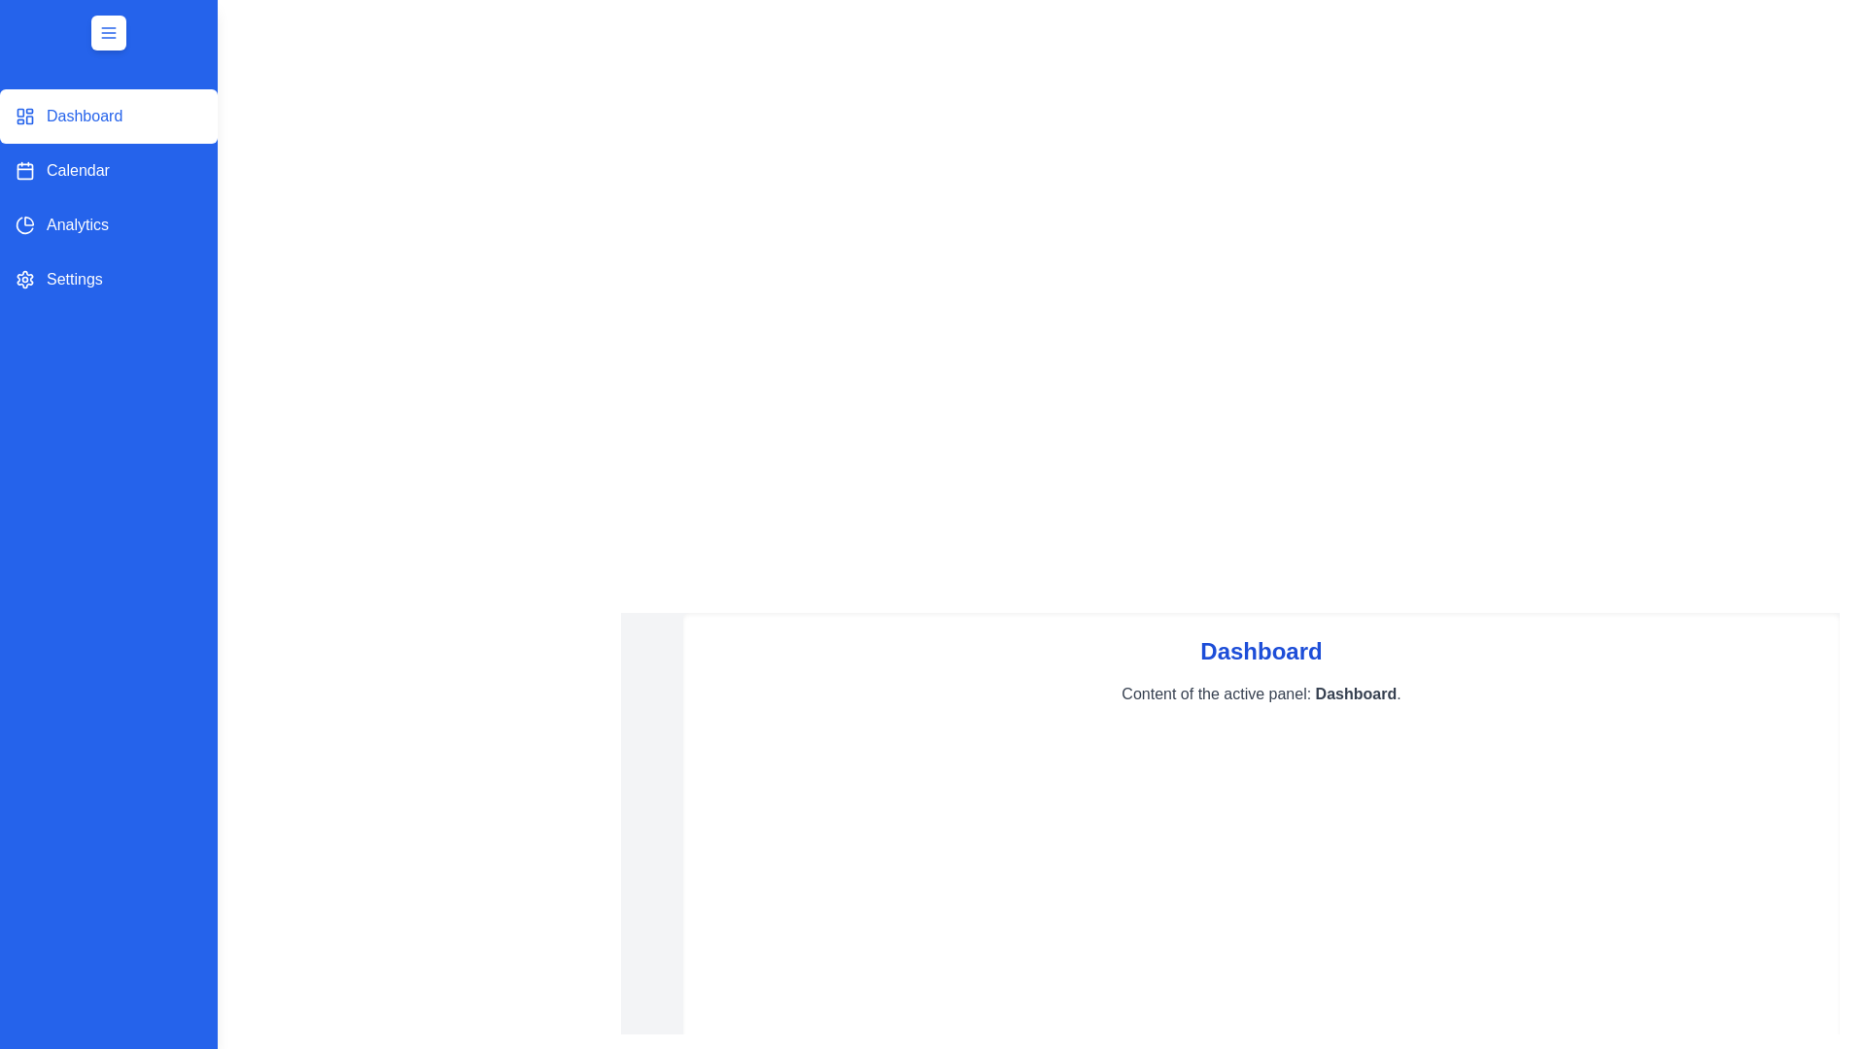  Describe the element at coordinates (107, 33) in the screenshot. I see `toggle button at the top-left corner of the sidebar to toggle the drawer` at that location.